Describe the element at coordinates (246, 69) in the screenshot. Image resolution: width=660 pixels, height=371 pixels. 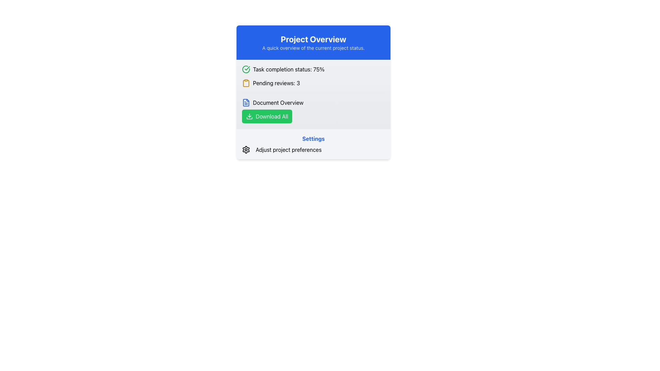
I see `the round green icon with a check mark inside it, located to the left of the 'Task completion status: 75%' text in the project overview panel` at that location.